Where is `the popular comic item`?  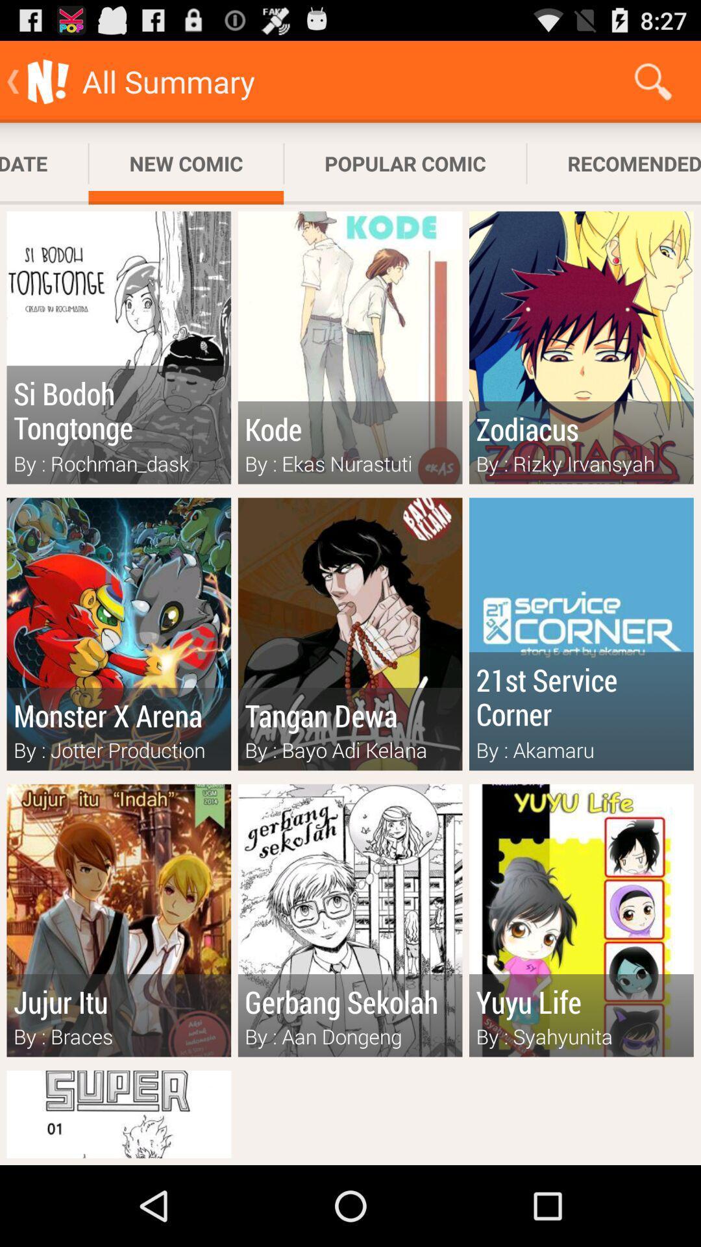
the popular comic item is located at coordinates (404, 163).